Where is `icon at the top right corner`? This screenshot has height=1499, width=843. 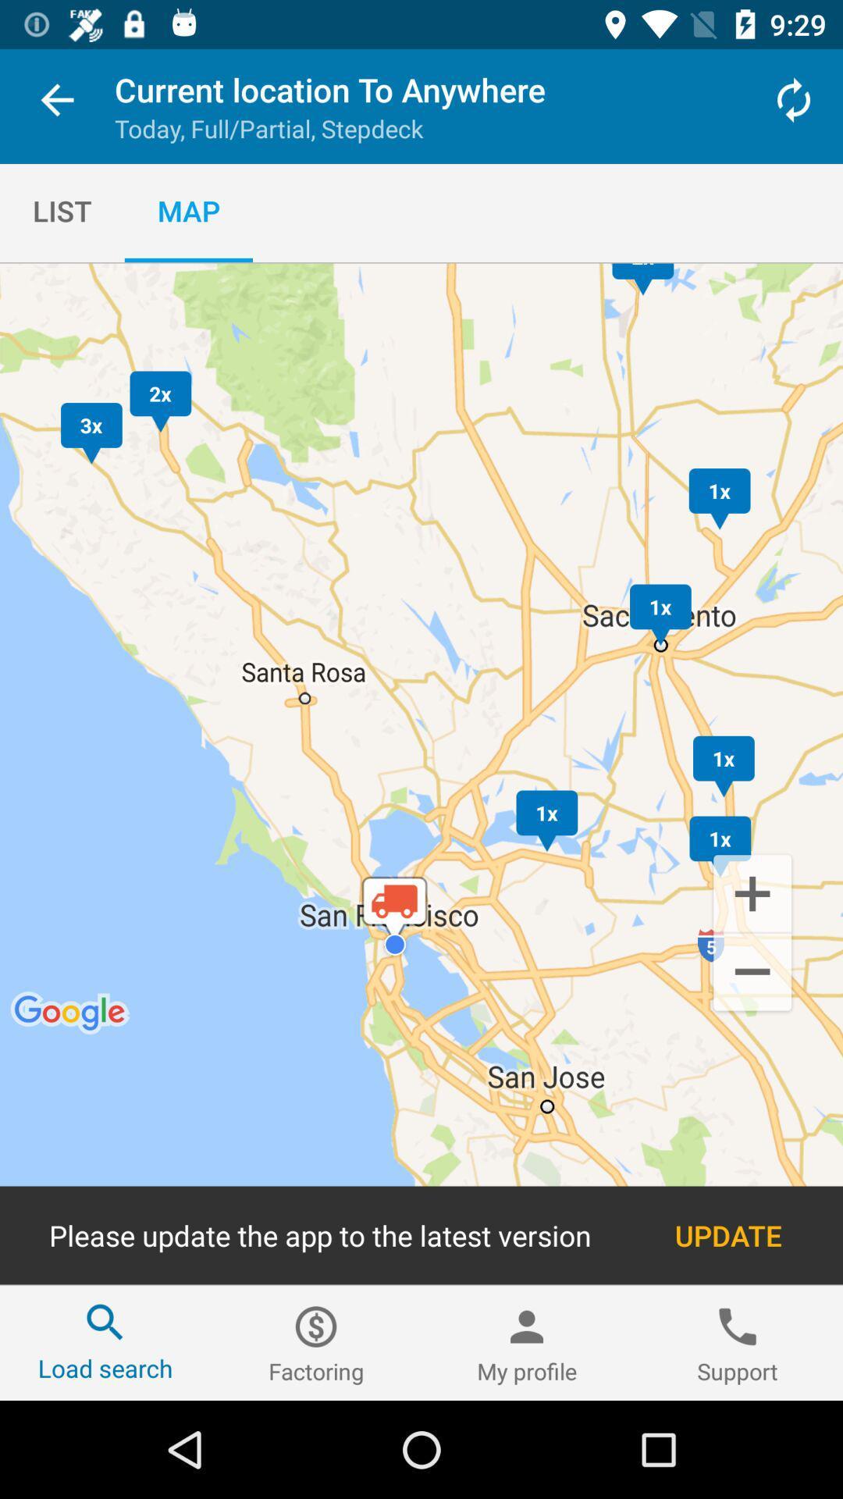 icon at the top right corner is located at coordinates (794, 99).